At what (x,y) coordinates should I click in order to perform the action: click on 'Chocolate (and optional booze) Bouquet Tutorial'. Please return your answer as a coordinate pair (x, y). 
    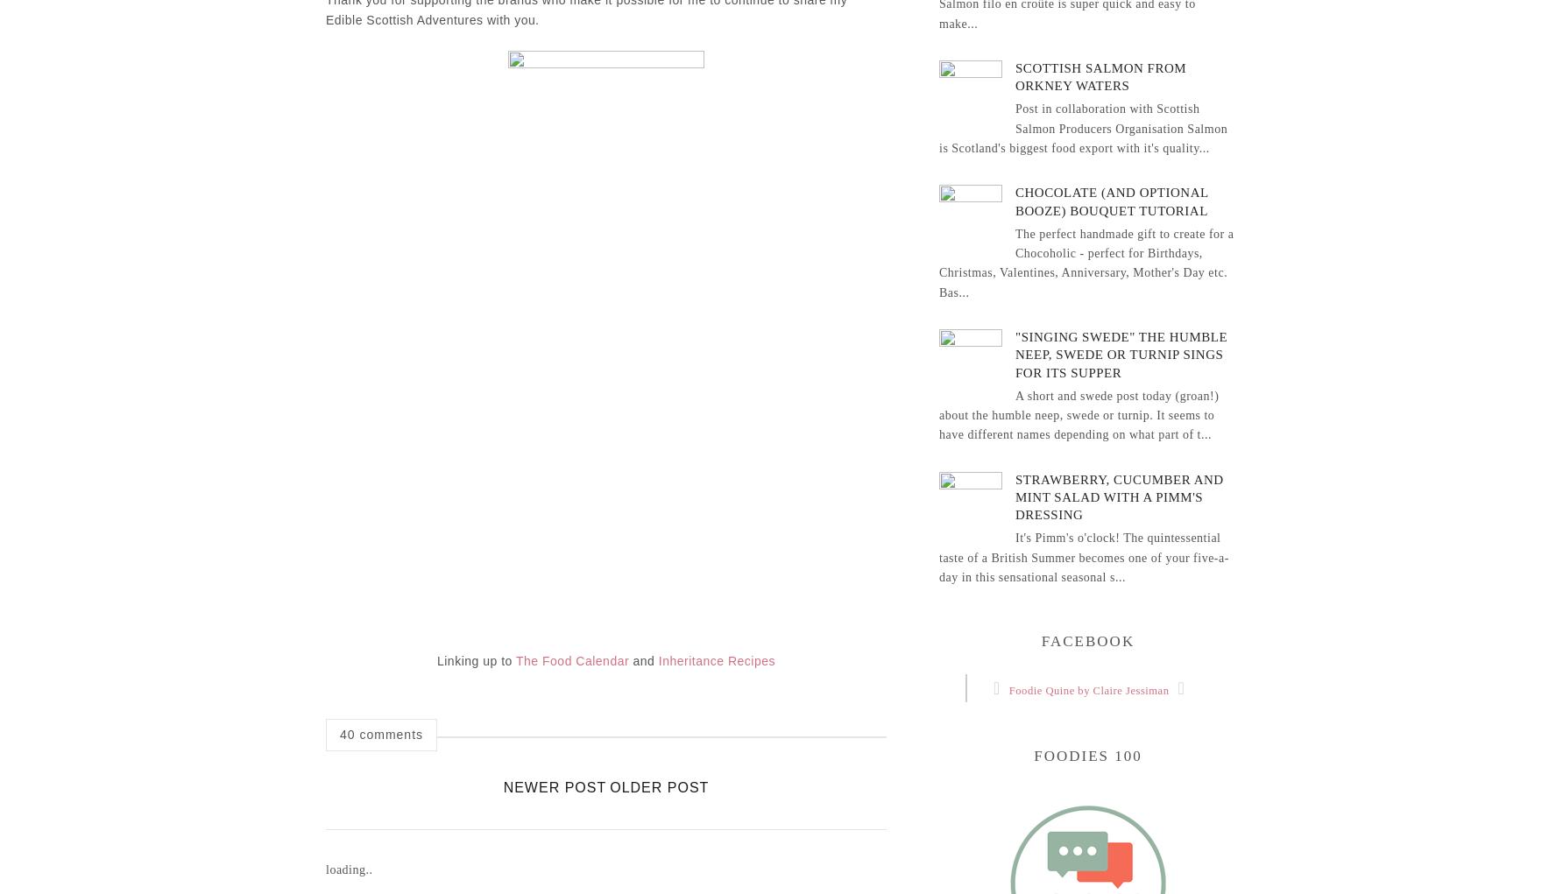
    Looking at the image, I should click on (1110, 201).